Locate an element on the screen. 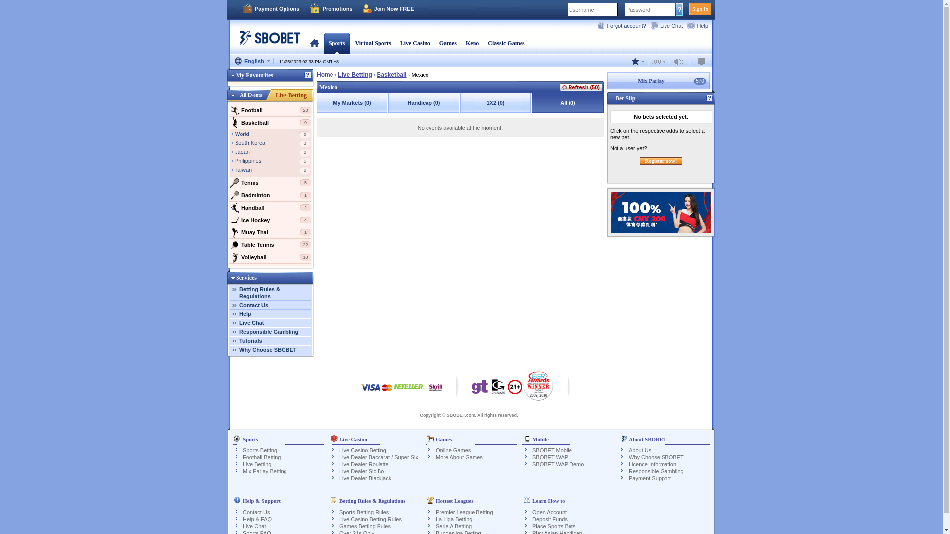 The image size is (950, 534). 'Premier League Betting' is located at coordinates (464, 512).